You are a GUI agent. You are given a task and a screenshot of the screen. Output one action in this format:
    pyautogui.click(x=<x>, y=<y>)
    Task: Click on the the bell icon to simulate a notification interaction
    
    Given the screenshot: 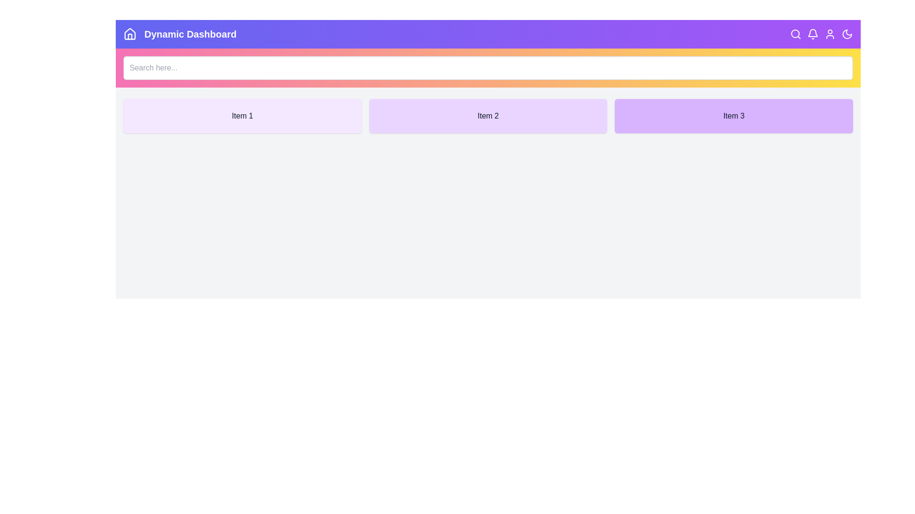 What is the action you would take?
    pyautogui.click(x=812, y=34)
    